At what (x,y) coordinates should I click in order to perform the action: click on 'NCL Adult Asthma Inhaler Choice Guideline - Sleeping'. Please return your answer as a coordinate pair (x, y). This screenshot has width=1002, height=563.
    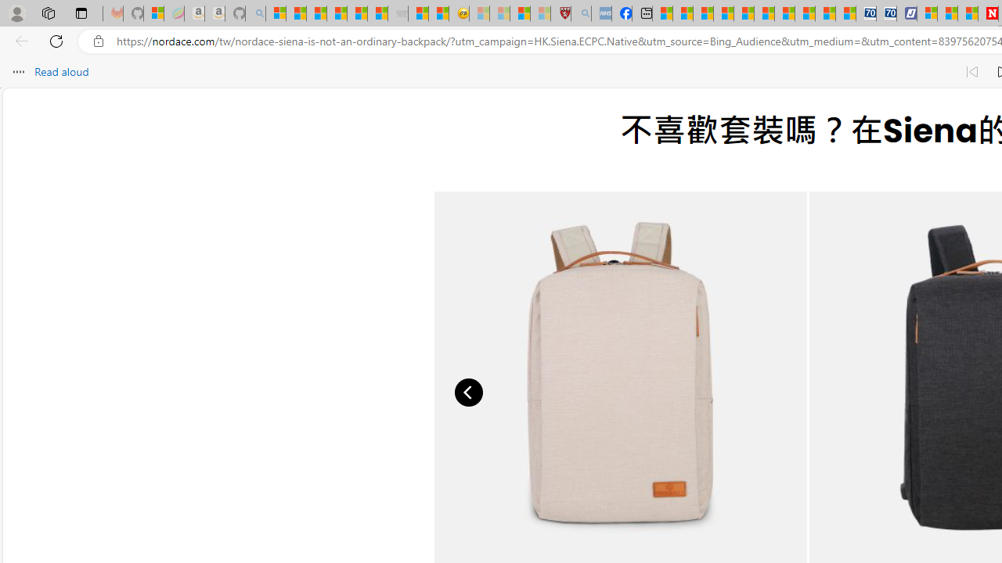
    Looking at the image, I should click on (600, 13).